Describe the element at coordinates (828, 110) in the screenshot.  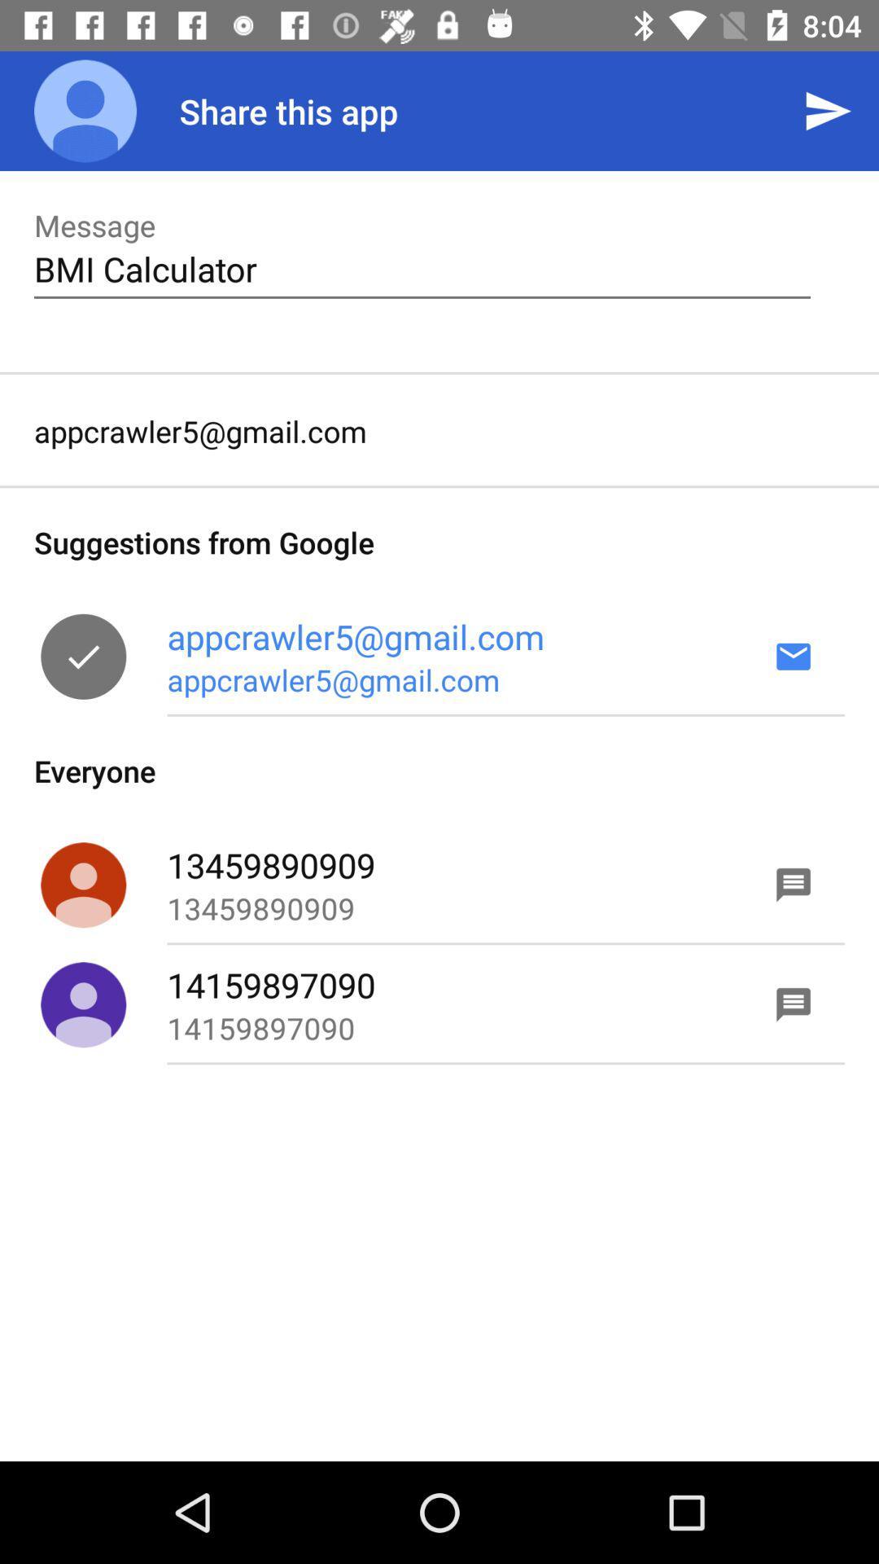
I see `the icon at the top right corner` at that location.